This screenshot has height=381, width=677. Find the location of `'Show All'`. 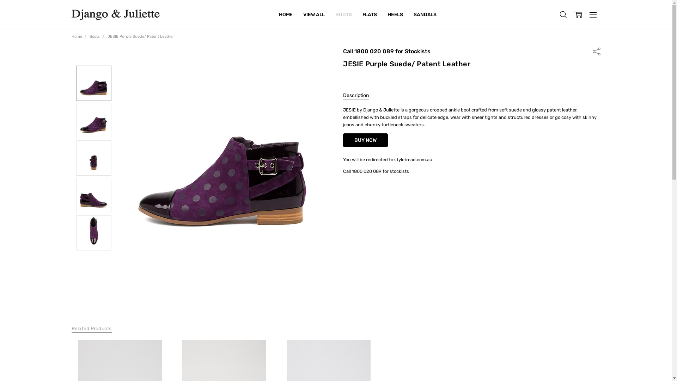

'Show All' is located at coordinates (282, 15).